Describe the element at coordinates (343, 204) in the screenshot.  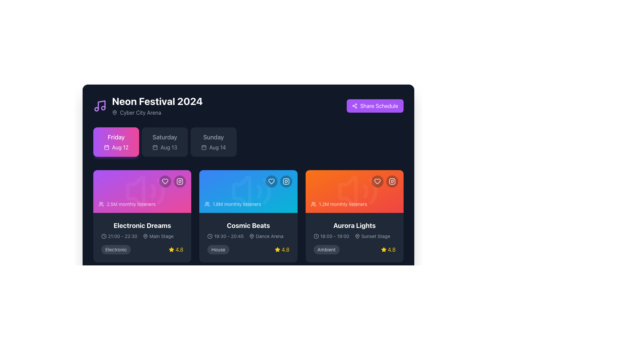
I see `the informational text that provides details about the popularity of the 'Aurora Lights' event, located centrally below the user icon within the card labeled 'Aurora Lights'` at that location.